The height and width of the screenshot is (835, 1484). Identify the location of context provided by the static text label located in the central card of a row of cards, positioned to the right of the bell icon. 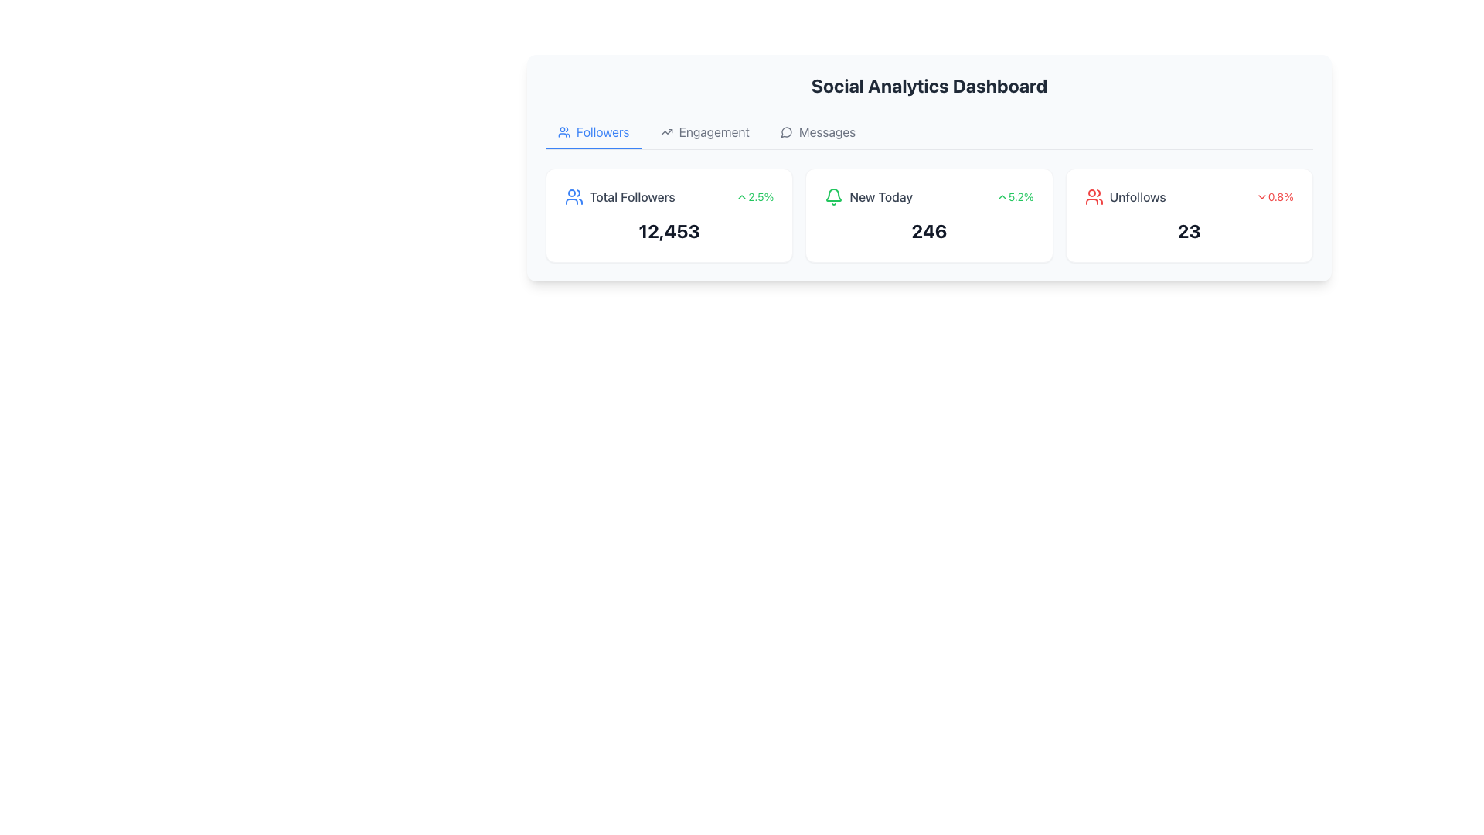
(881, 196).